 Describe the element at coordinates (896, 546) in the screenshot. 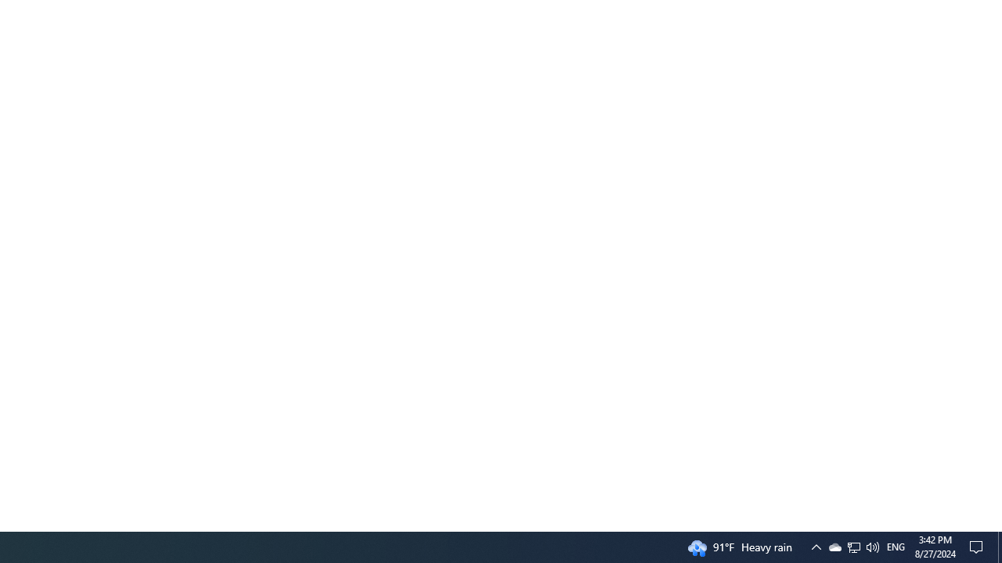

I see `'Tray Input Indicator - English (United States)'` at that location.